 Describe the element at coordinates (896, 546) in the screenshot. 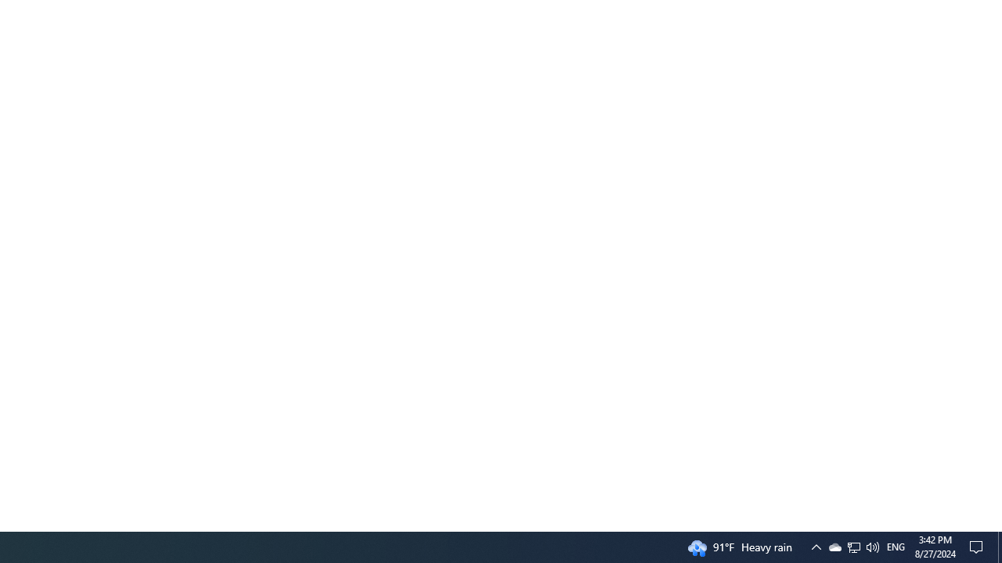

I see `'Tray Input Indicator - English (United States)'` at that location.